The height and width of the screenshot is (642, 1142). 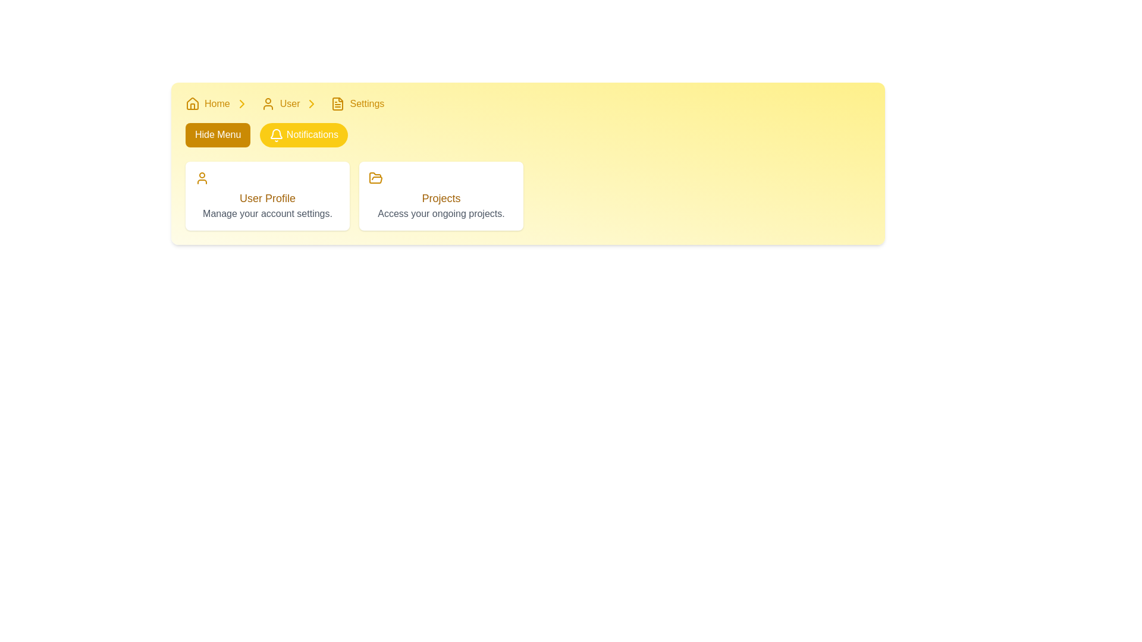 What do you see at coordinates (280, 103) in the screenshot?
I see `the Navigation link with icon and text located between 'Home' and 'Settings' in the horizontal navigation bar` at bounding box center [280, 103].